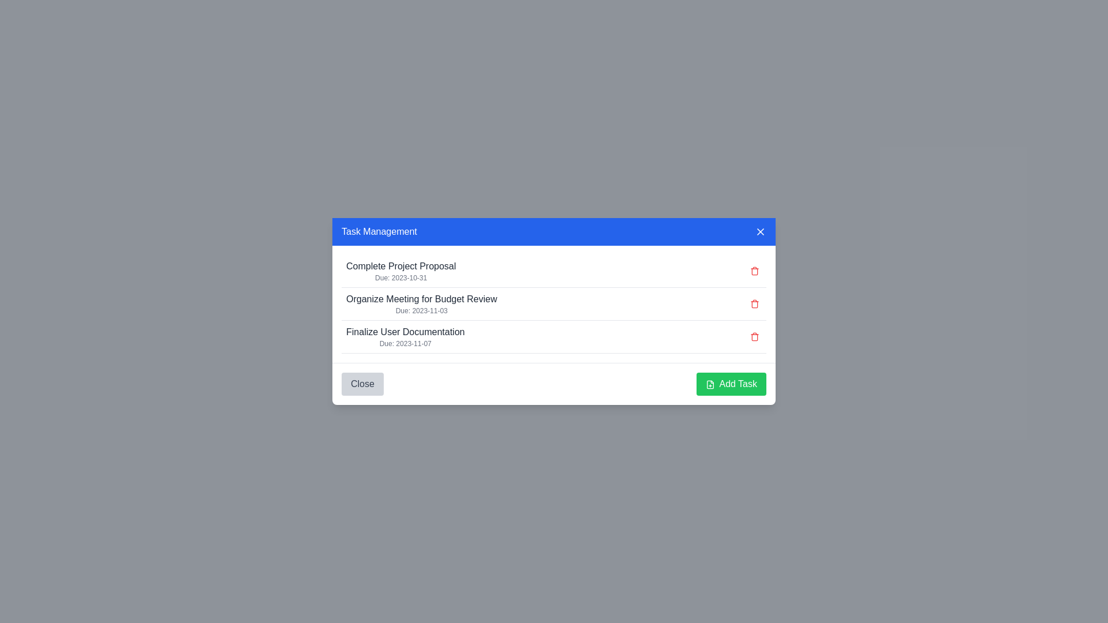 This screenshot has height=623, width=1108. Describe the element at coordinates (761, 231) in the screenshot. I see `the 'X' button in the top-right corner of the dialog to close it` at that location.